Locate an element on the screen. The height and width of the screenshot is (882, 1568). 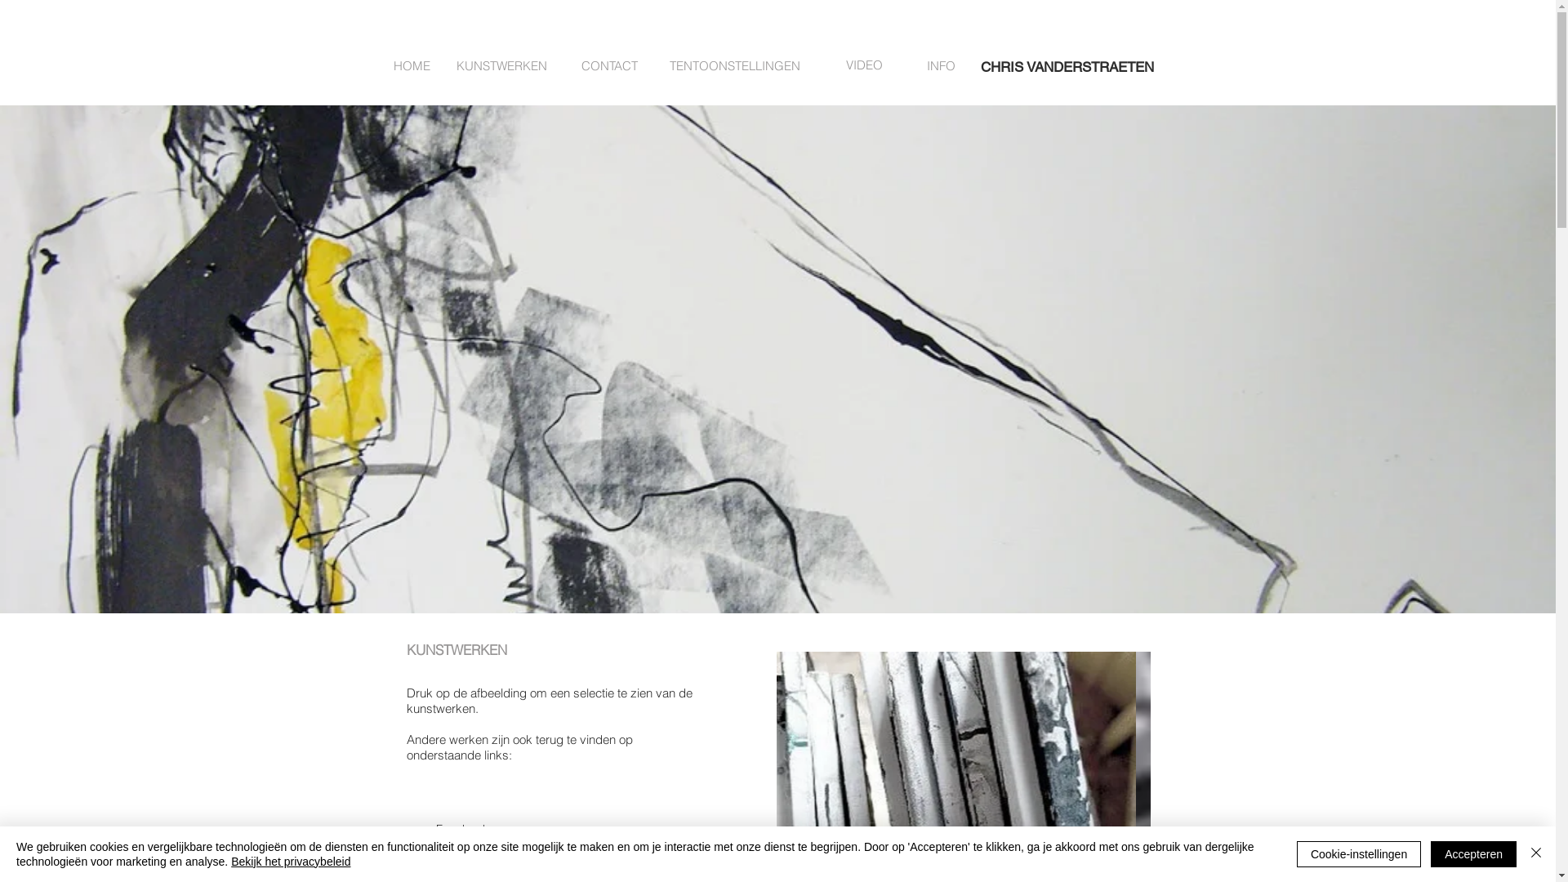
'VIDEO' is located at coordinates (863, 64).